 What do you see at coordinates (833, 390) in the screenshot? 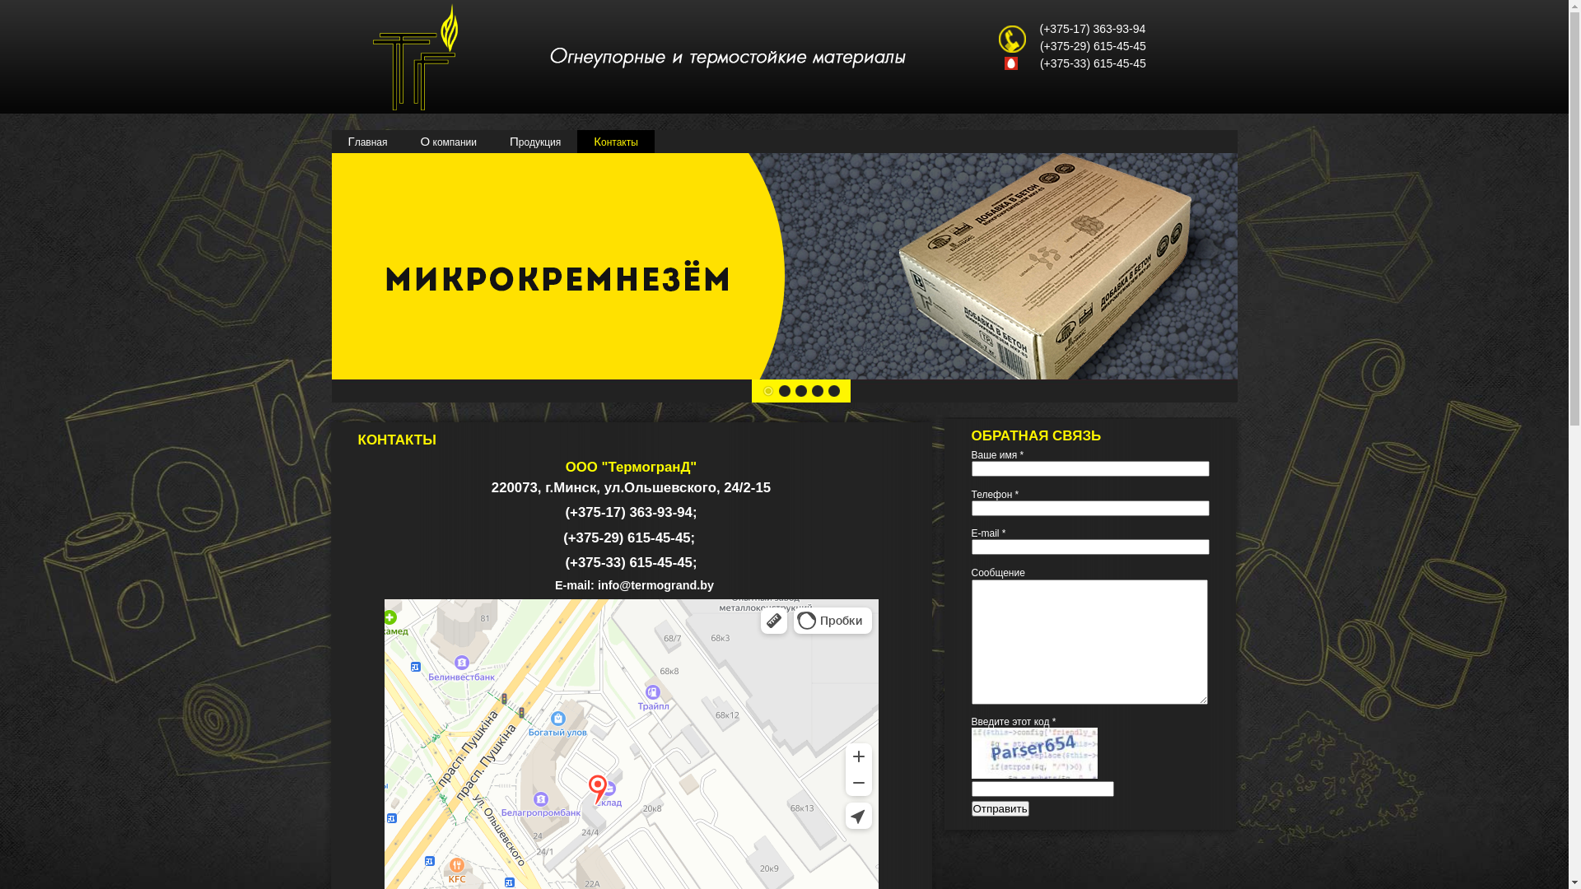
I see `'5'` at bounding box center [833, 390].